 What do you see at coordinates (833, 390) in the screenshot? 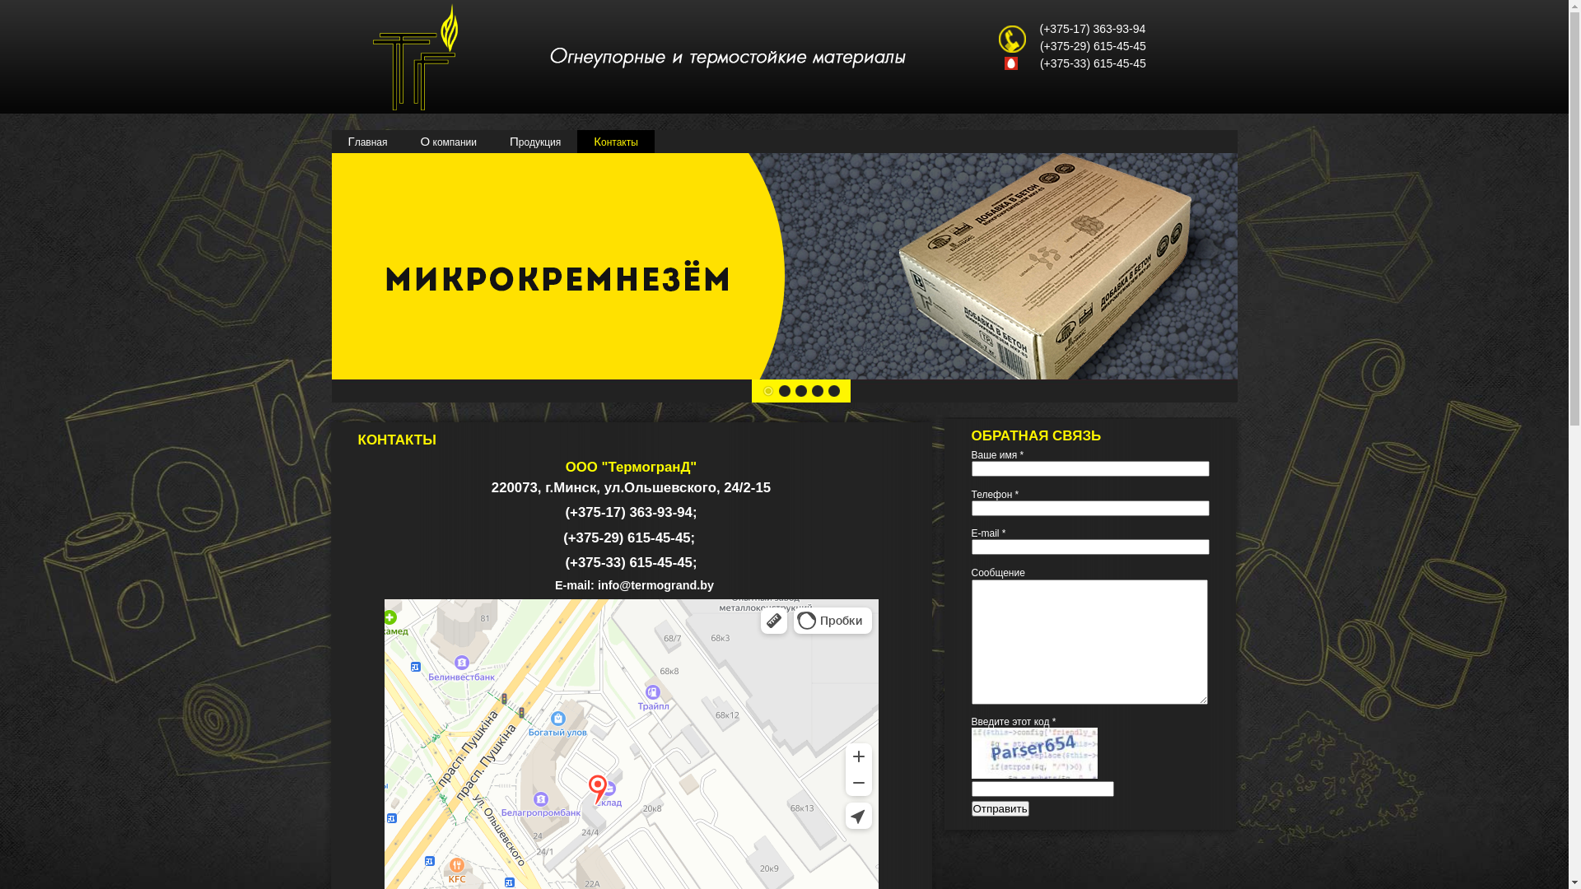
I see `'5'` at bounding box center [833, 390].